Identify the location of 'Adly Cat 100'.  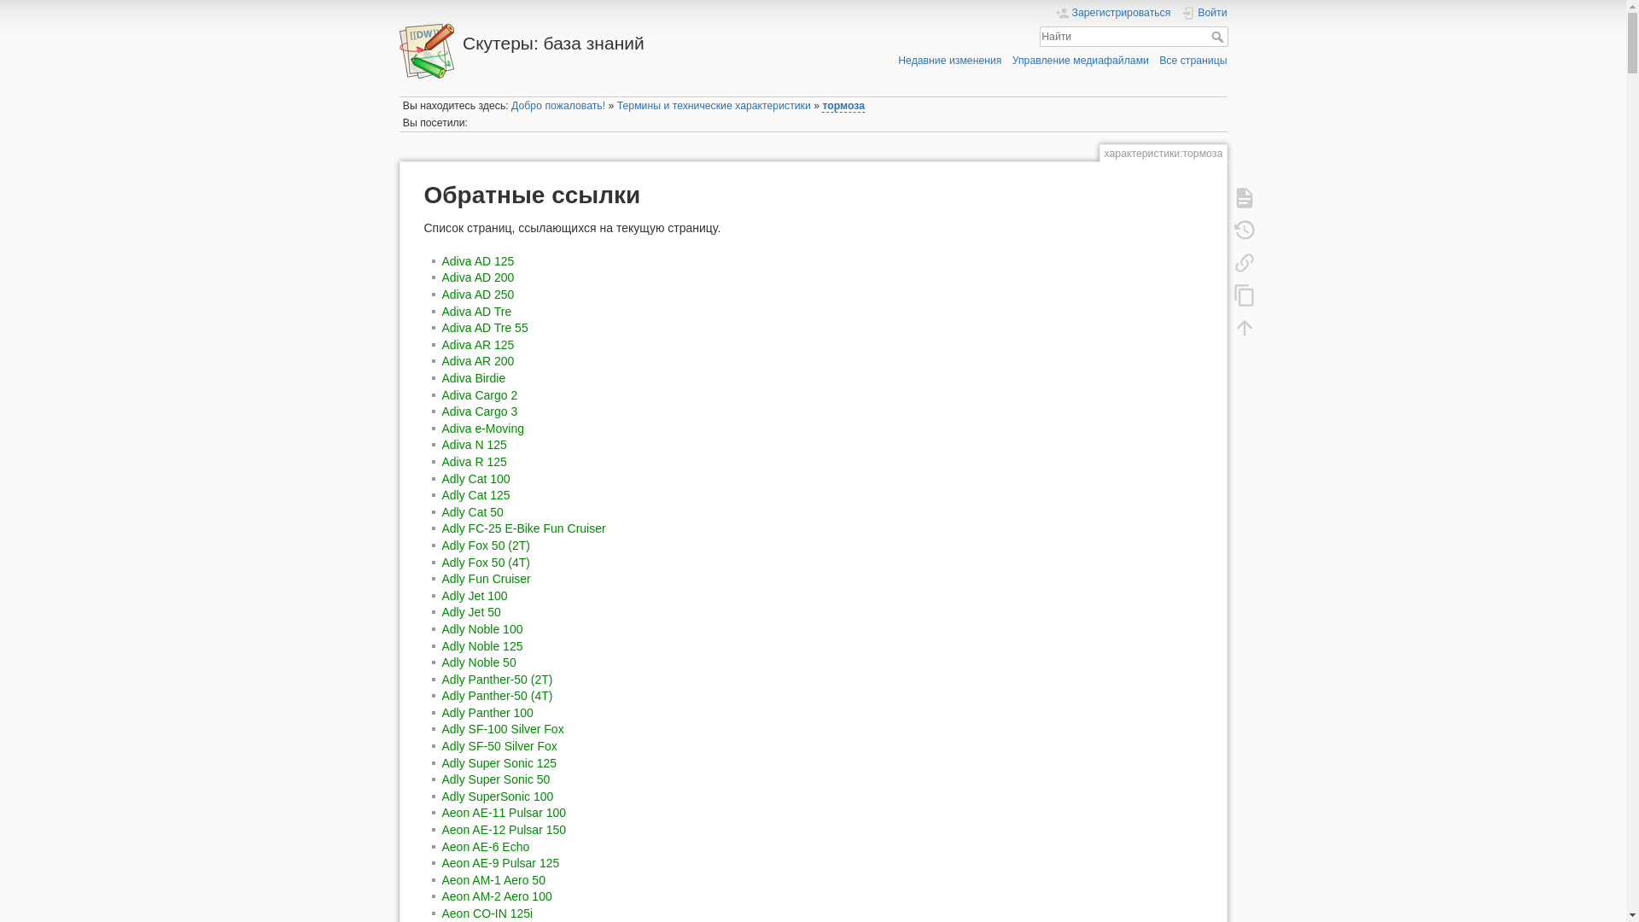
(475, 478).